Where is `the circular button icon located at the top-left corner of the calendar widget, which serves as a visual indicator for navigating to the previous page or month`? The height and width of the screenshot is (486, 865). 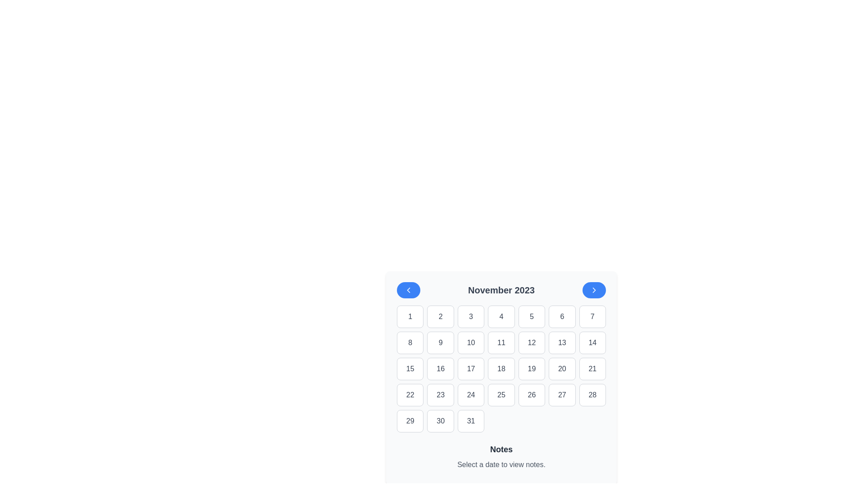 the circular button icon located at the top-left corner of the calendar widget, which serves as a visual indicator for navigating to the previous page or month is located at coordinates (408, 290).